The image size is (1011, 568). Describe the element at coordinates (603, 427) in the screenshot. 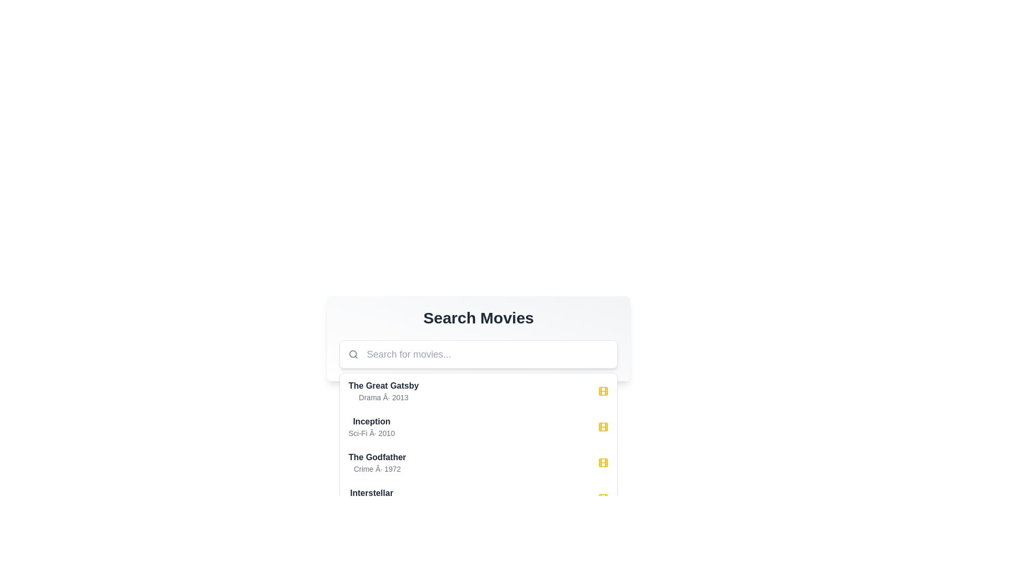

I see `the centered rectangle segment of the film icon displayed on the right side of the second item in a vertical list of movie entries` at that location.